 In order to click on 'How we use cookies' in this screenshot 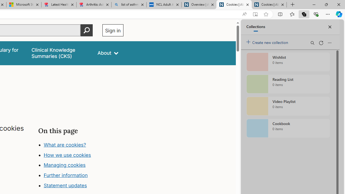, I will do `click(67, 155)`.